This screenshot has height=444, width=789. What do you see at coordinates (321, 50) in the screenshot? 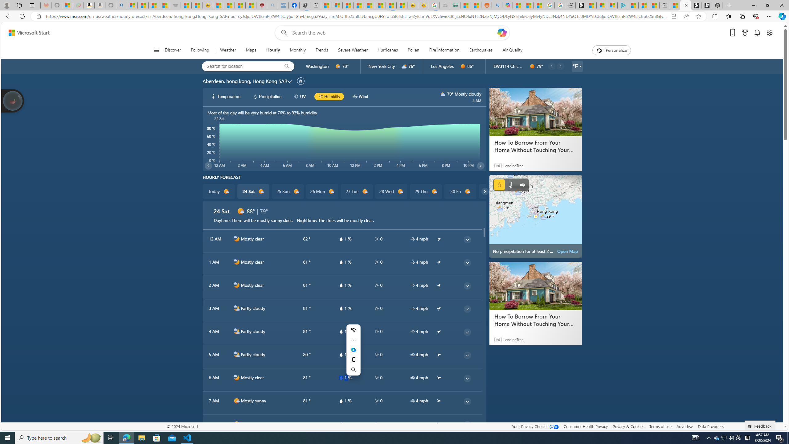
I see `'Trends'` at bounding box center [321, 50].